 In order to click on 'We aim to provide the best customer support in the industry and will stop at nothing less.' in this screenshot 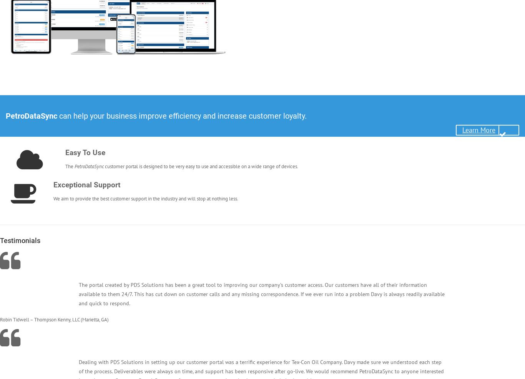, I will do `click(145, 199)`.